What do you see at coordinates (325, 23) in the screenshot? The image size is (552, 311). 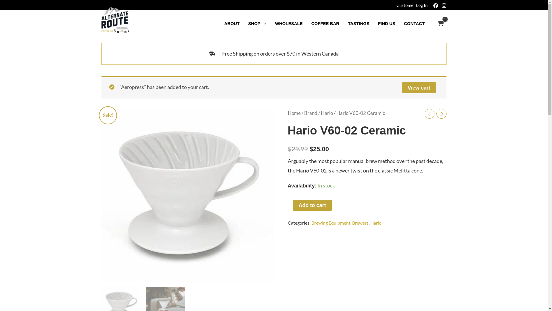 I see `'COFFEE BAR'` at bounding box center [325, 23].